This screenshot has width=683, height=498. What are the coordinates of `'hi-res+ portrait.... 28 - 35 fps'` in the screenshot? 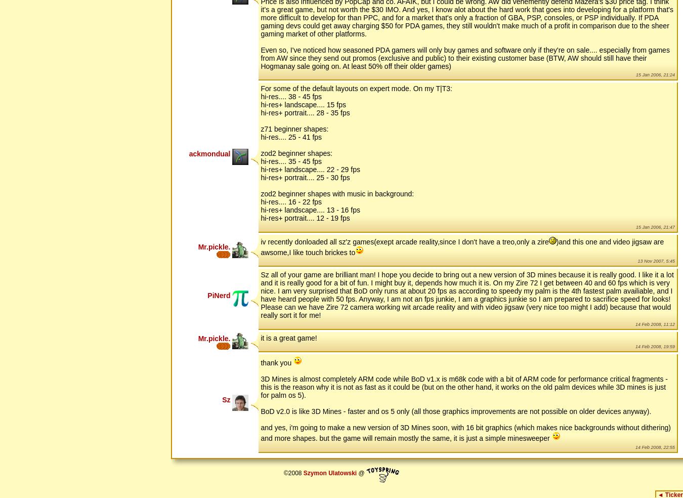 It's located at (305, 112).